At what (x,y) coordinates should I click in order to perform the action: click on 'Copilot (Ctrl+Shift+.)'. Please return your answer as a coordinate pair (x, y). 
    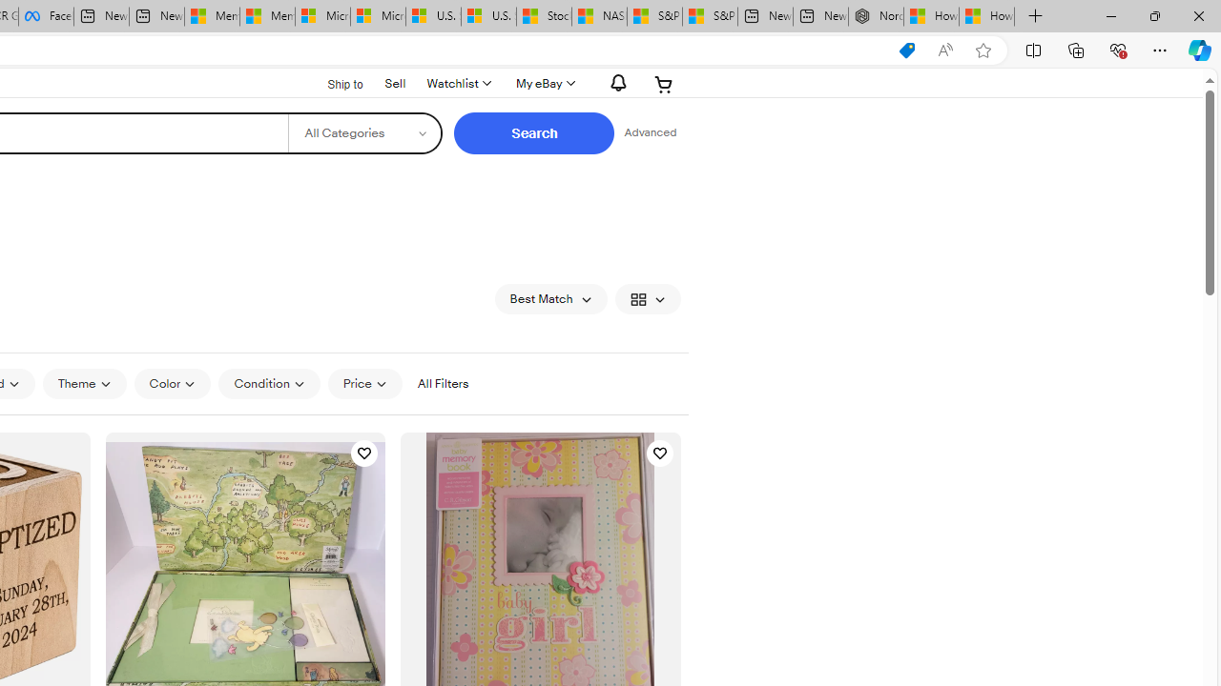
    Looking at the image, I should click on (1199, 49).